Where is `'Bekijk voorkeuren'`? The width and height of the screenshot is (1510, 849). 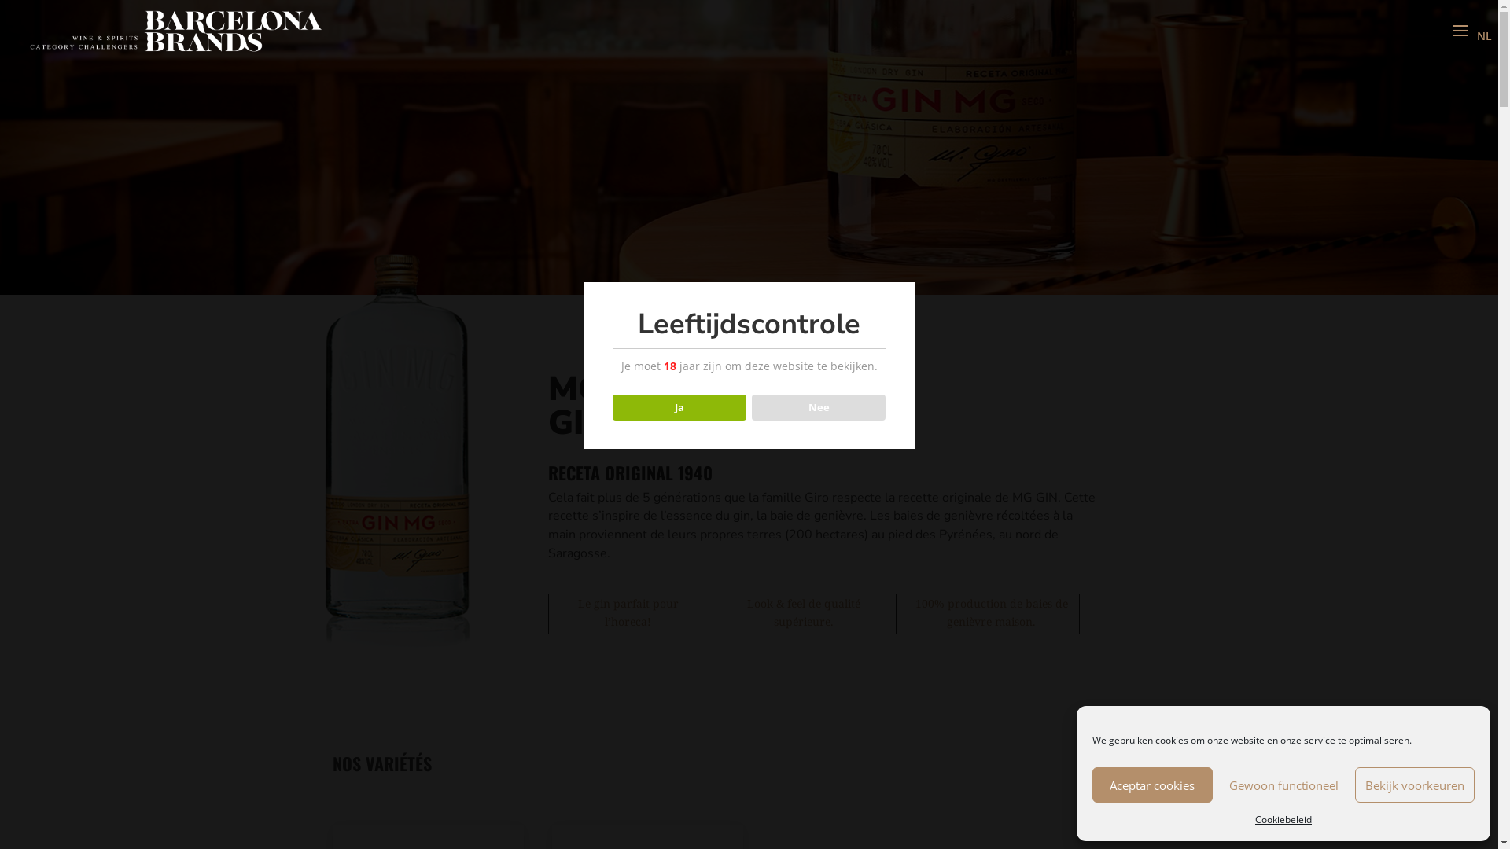
'Bekijk voorkeuren' is located at coordinates (1414, 785).